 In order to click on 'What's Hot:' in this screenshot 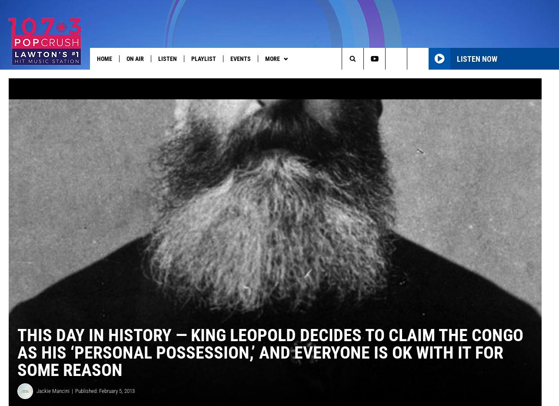, I will do `click(23, 76)`.